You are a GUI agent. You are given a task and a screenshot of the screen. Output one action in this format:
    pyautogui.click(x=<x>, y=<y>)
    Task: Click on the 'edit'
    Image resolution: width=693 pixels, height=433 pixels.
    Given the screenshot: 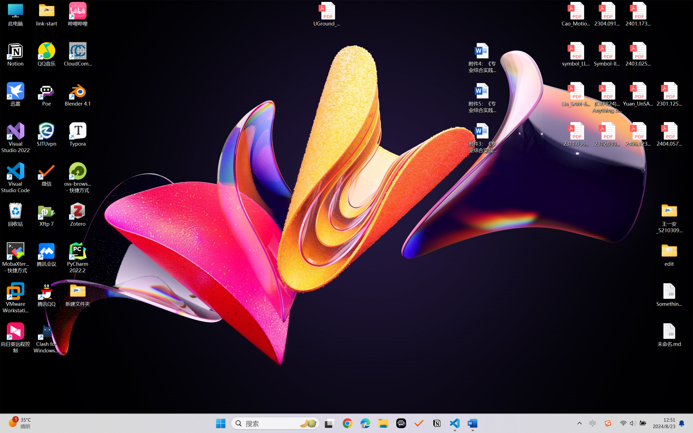 What is the action you would take?
    pyautogui.click(x=669, y=254)
    